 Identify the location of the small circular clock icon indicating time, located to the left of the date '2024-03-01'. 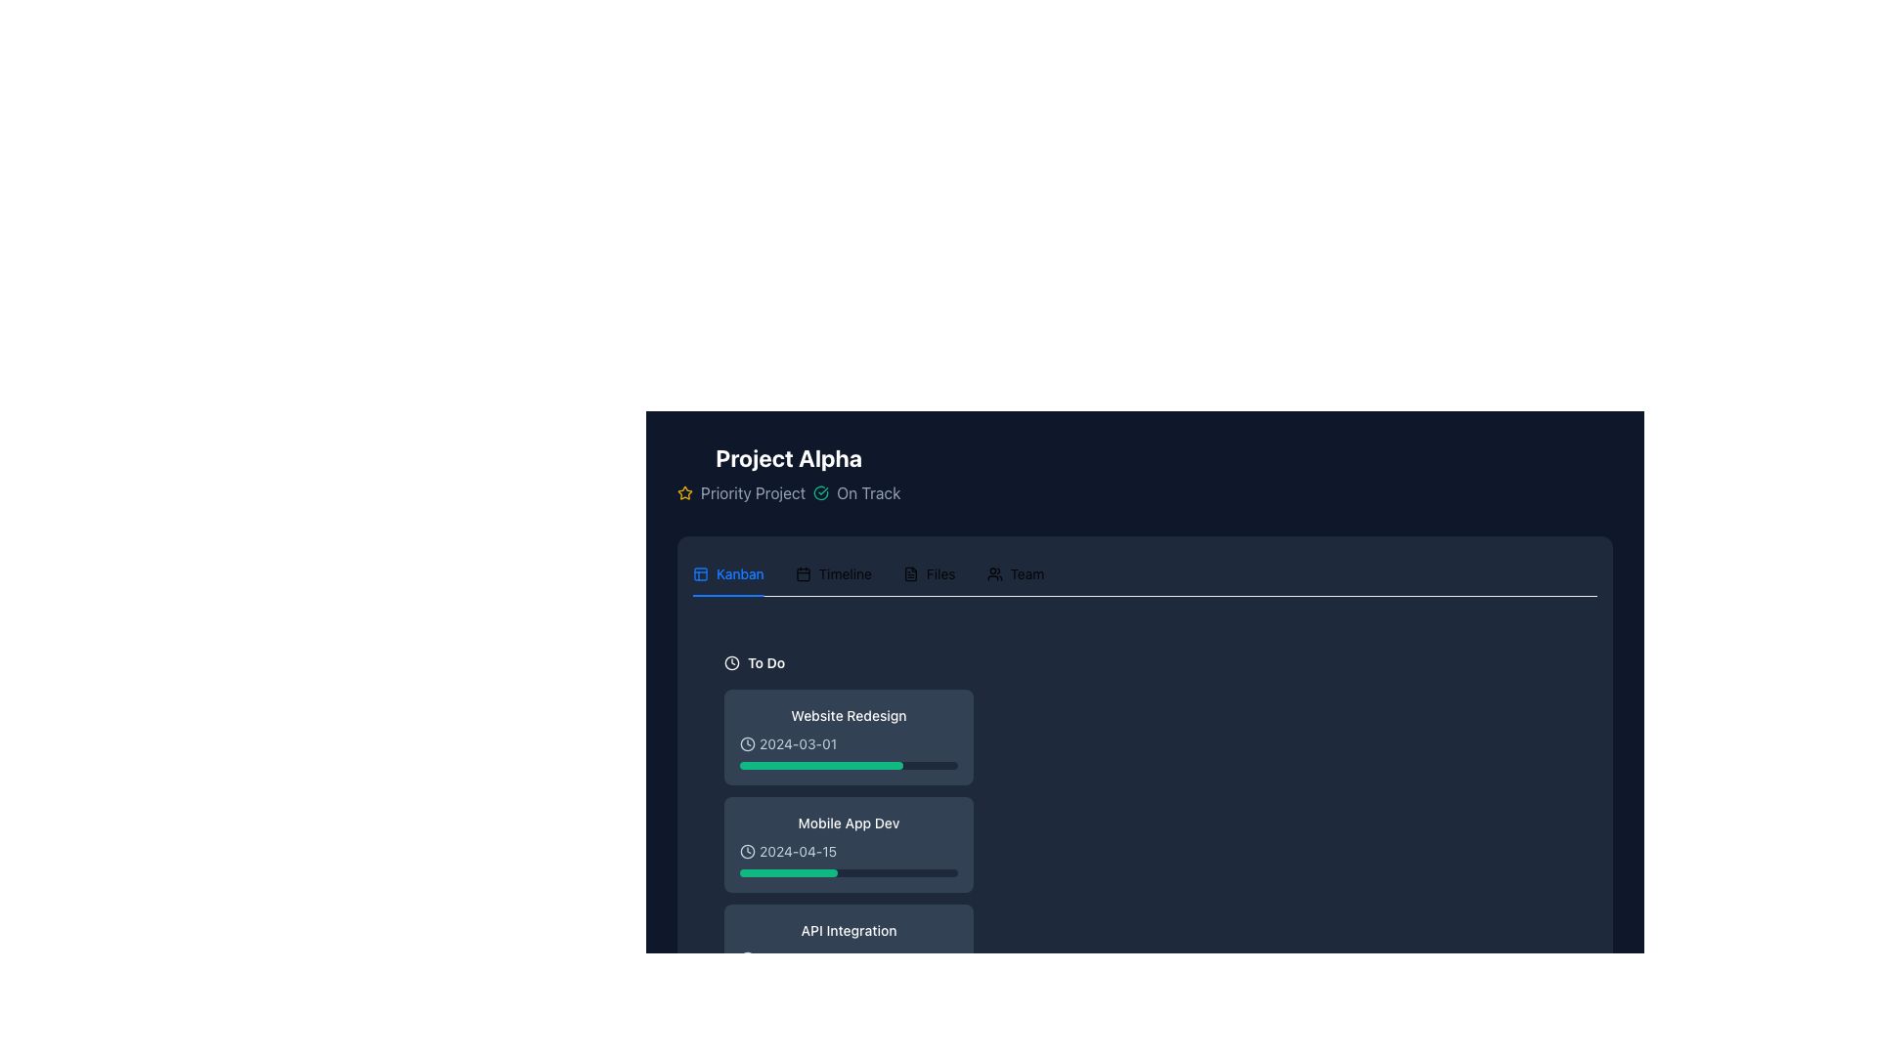
(746, 744).